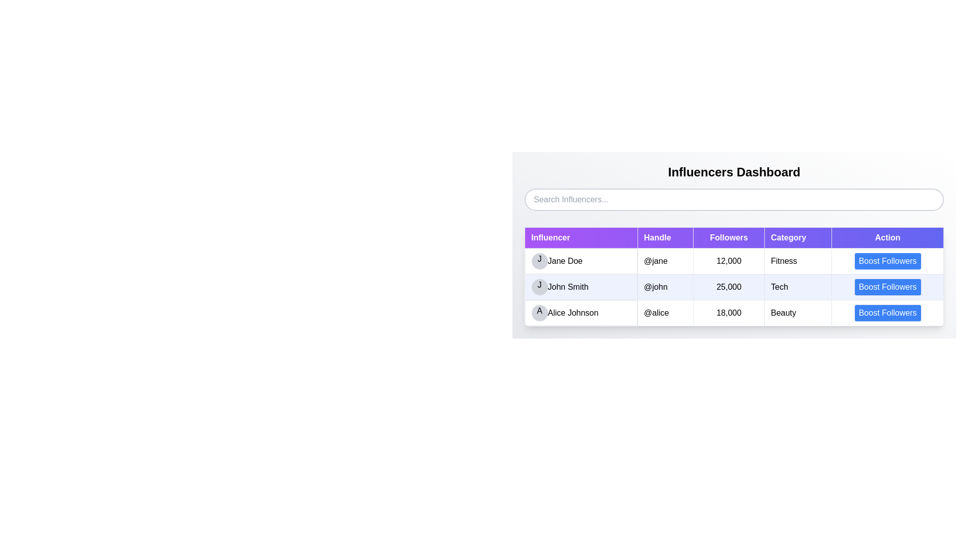  Describe the element at coordinates (539, 260) in the screenshot. I see `the Profile icon, which is a circular icon with a gray background and a black letter 'J', located to the left of 'Jane Doe' in the Influencer column` at that location.